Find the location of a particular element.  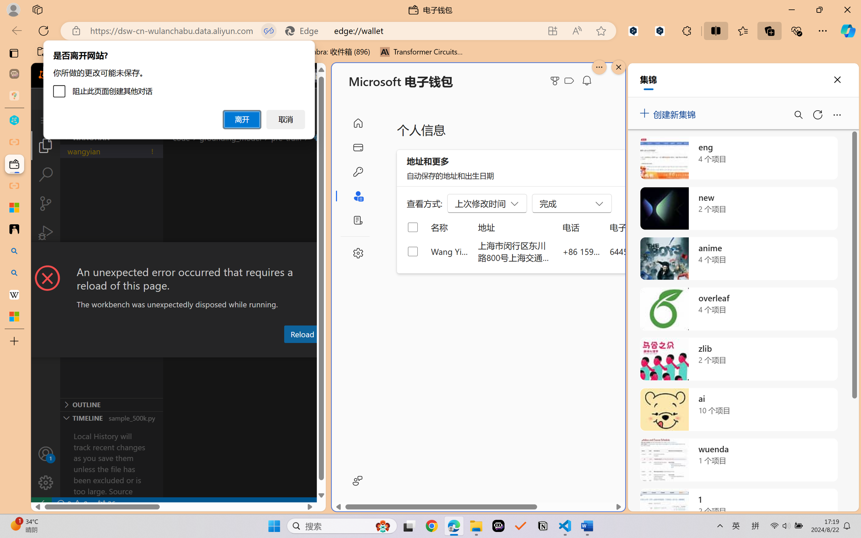

'Transformer Circuits Thread' is located at coordinates (421, 52).